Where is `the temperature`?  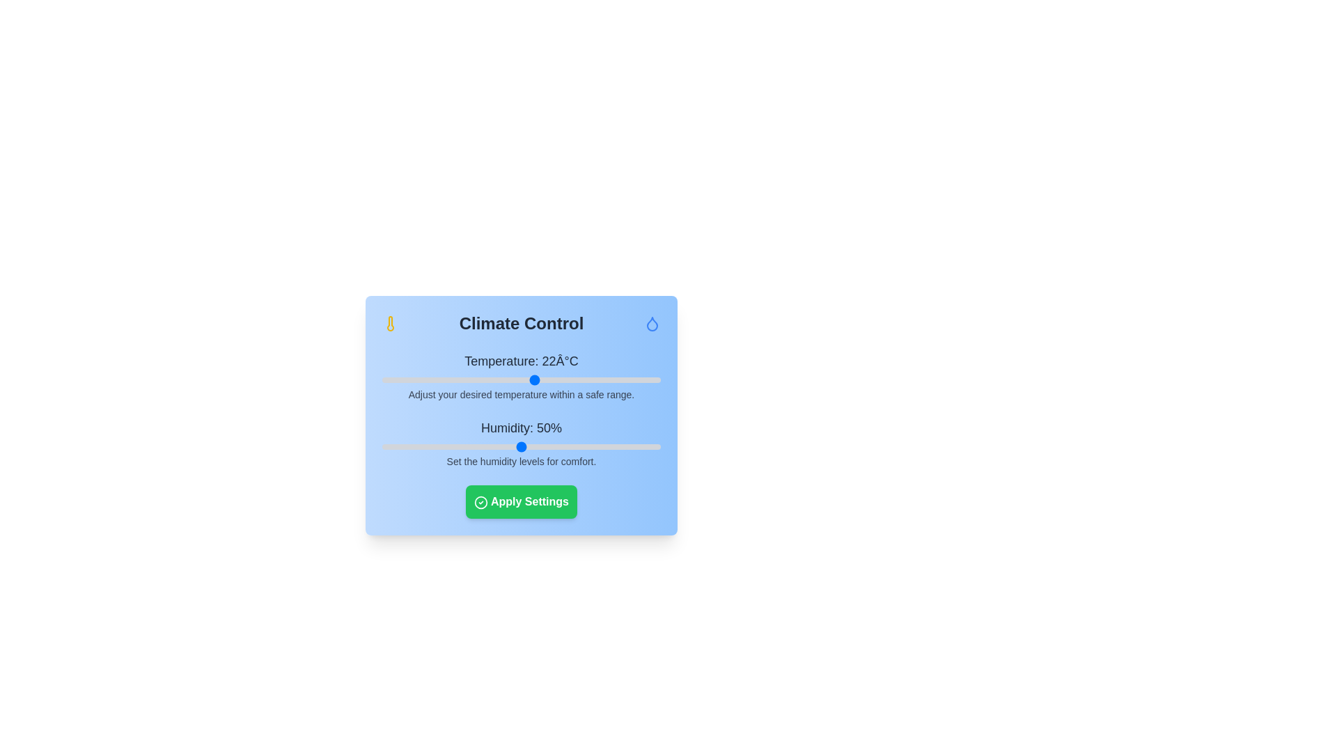
the temperature is located at coordinates (487, 380).